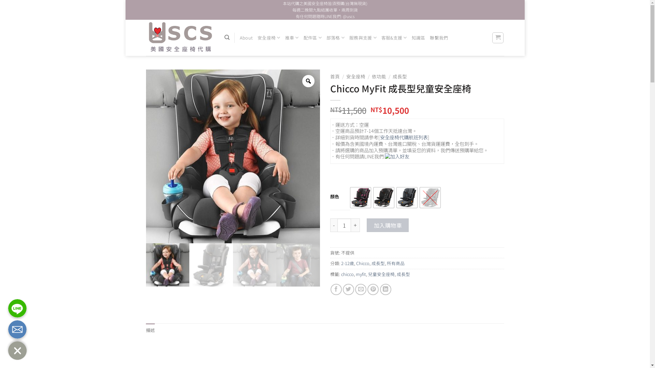 Image resolution: width=655 pixels, height=368 pixels. Describe the element at coordinates (360, 274) in the screenshot. I see `'myfit'` at that location.